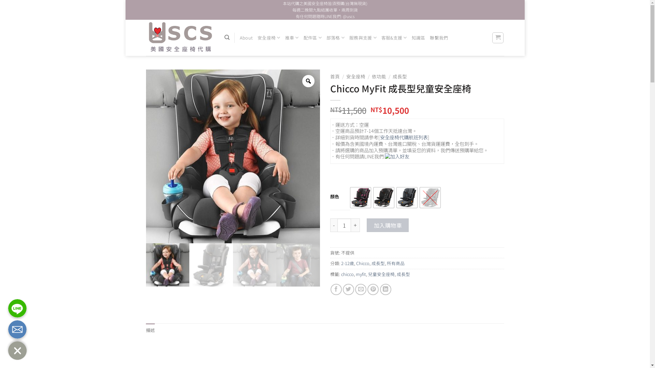 Image resolution: width=655 pixels, height=368 pixels. Describe the element at coordinates (360, 274) in the screenshot. I see `'myfit'` at that location.